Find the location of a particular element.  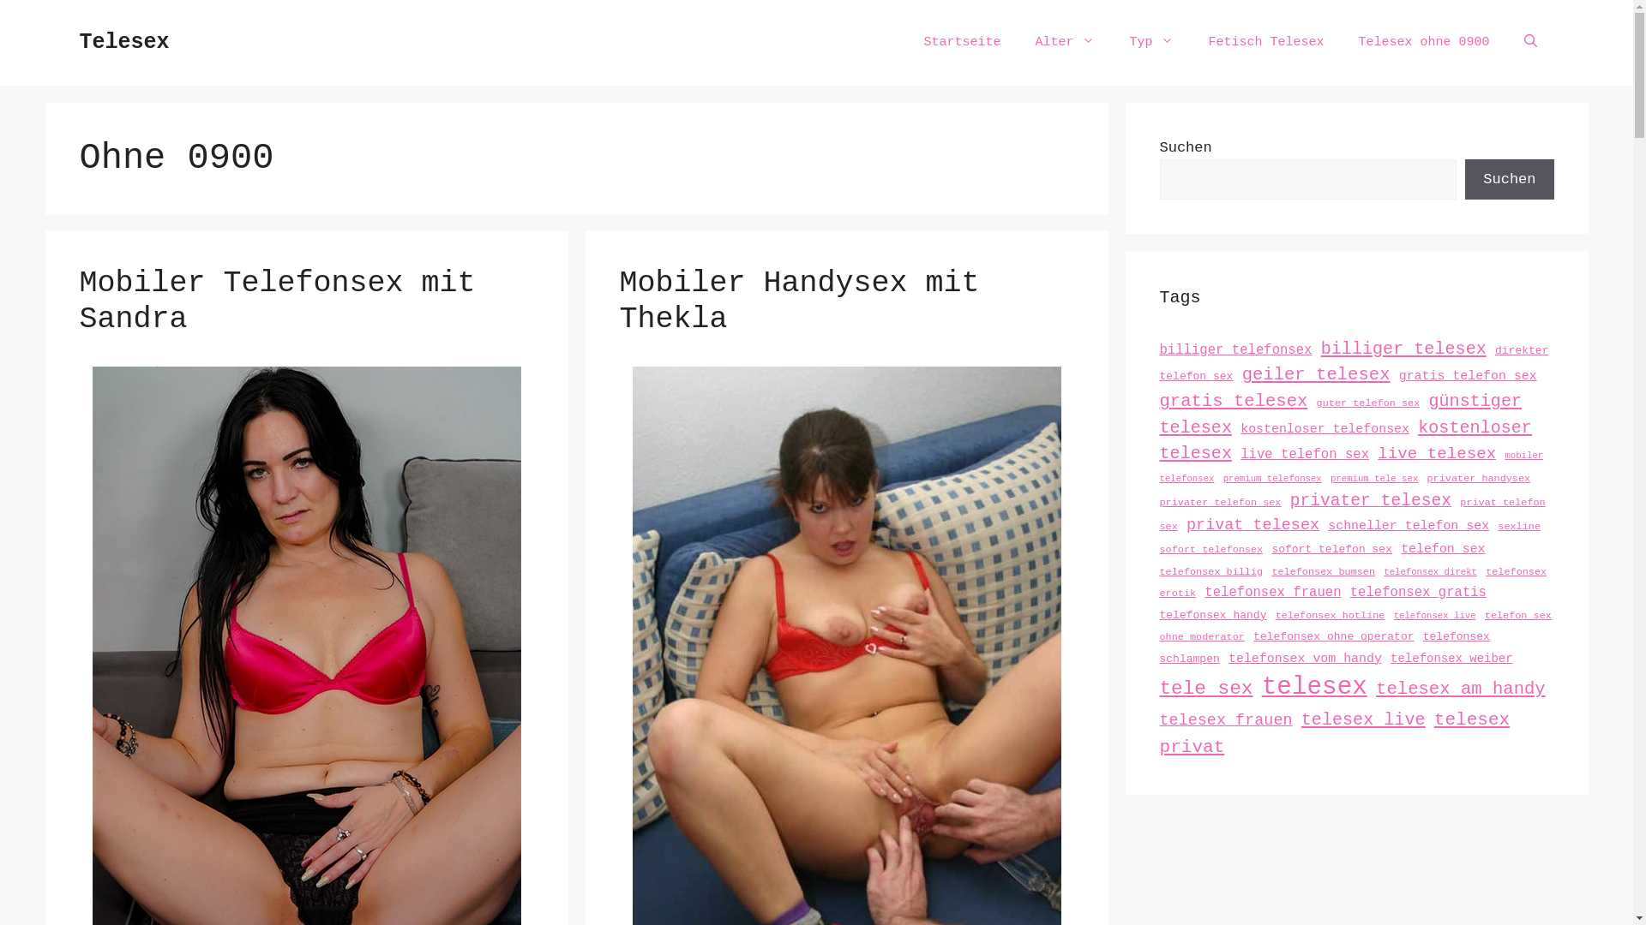

'schneller telefon sex' is located at coordinates (1408, 524).